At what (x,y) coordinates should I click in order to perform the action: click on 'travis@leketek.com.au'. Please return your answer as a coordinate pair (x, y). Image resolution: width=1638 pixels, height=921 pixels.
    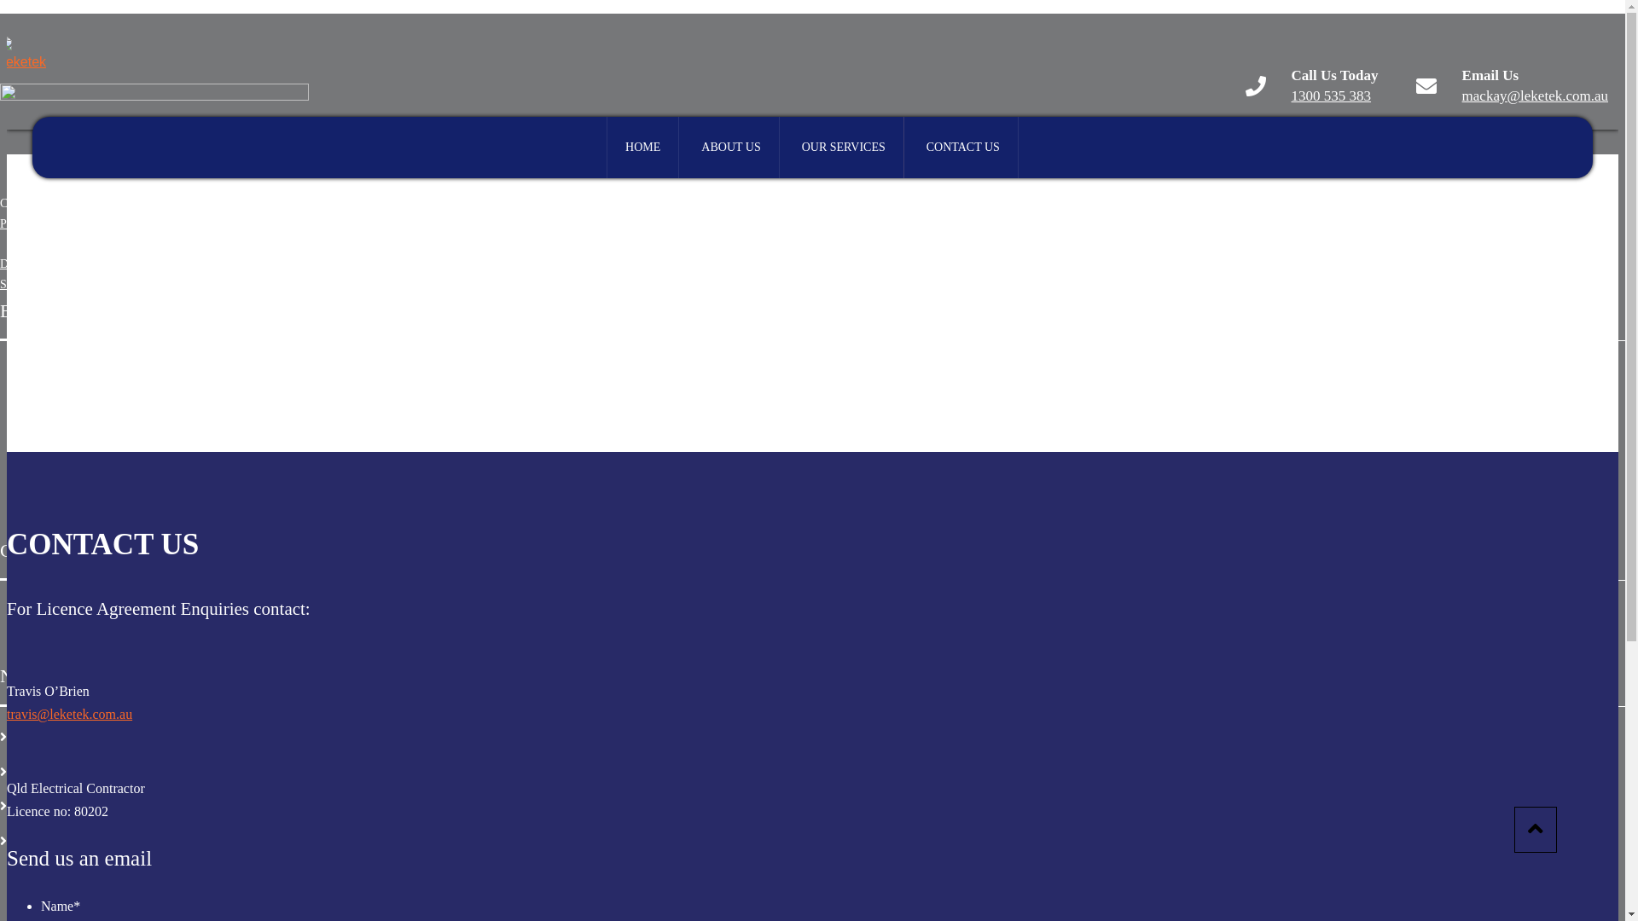
    Looking at the image, I should click on (68, 714).